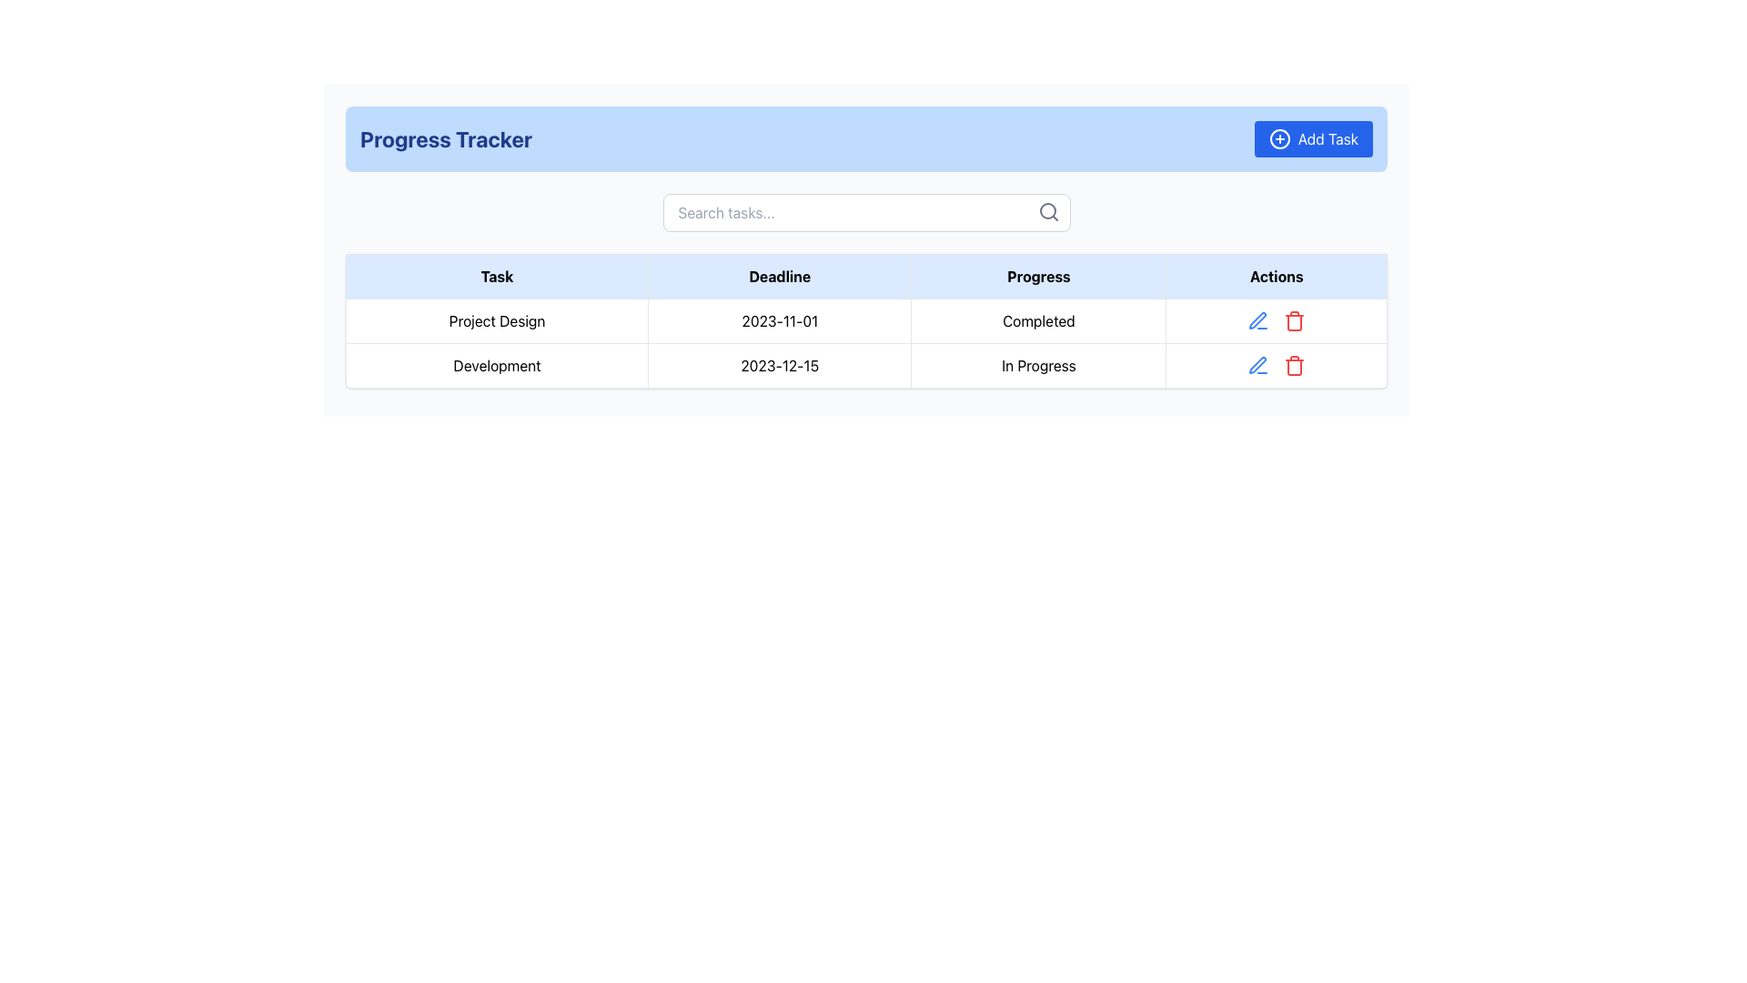 Image resolution: width=1747 pixels, height=983 pixels. What do you see at coordinates (1039, 320) in the screenshot?
I see `the 'Completed' text label located in the third cell of the first row under the 'Progress' header in the table` at bounding box center [1039, 320].